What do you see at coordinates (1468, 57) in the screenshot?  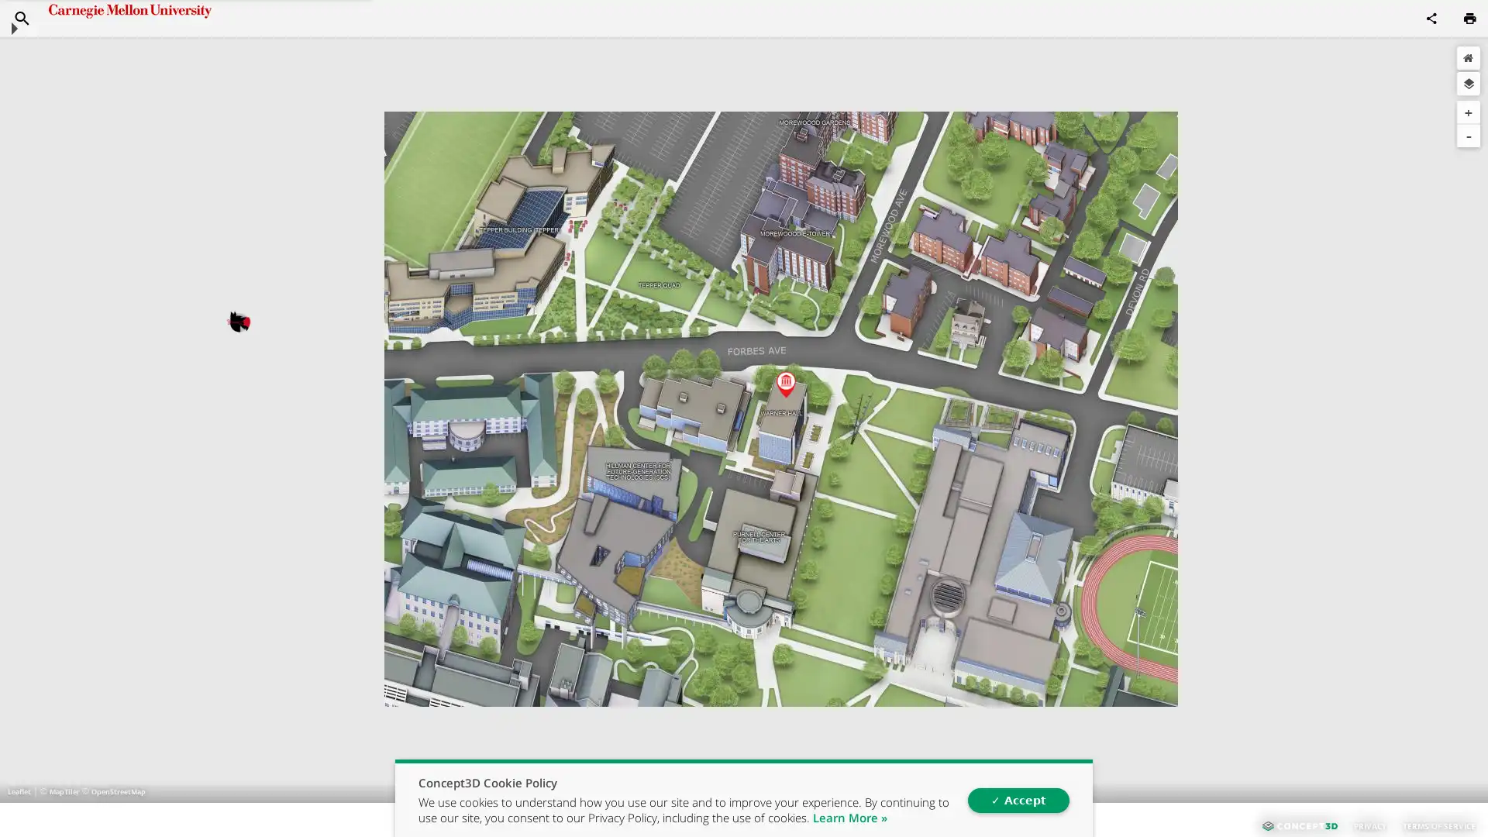 I see `Reset map view` at bounding box center [1468, 57].